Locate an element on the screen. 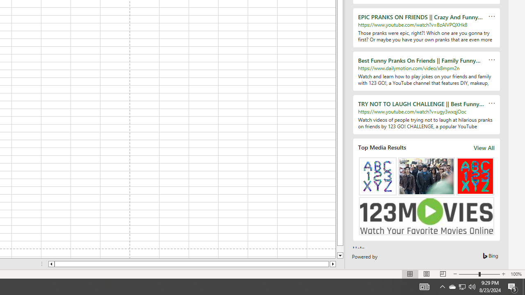 Image resolution: width=525 pixels, height=295 pixels. 'Normal' is located at coordinates (410, 274).